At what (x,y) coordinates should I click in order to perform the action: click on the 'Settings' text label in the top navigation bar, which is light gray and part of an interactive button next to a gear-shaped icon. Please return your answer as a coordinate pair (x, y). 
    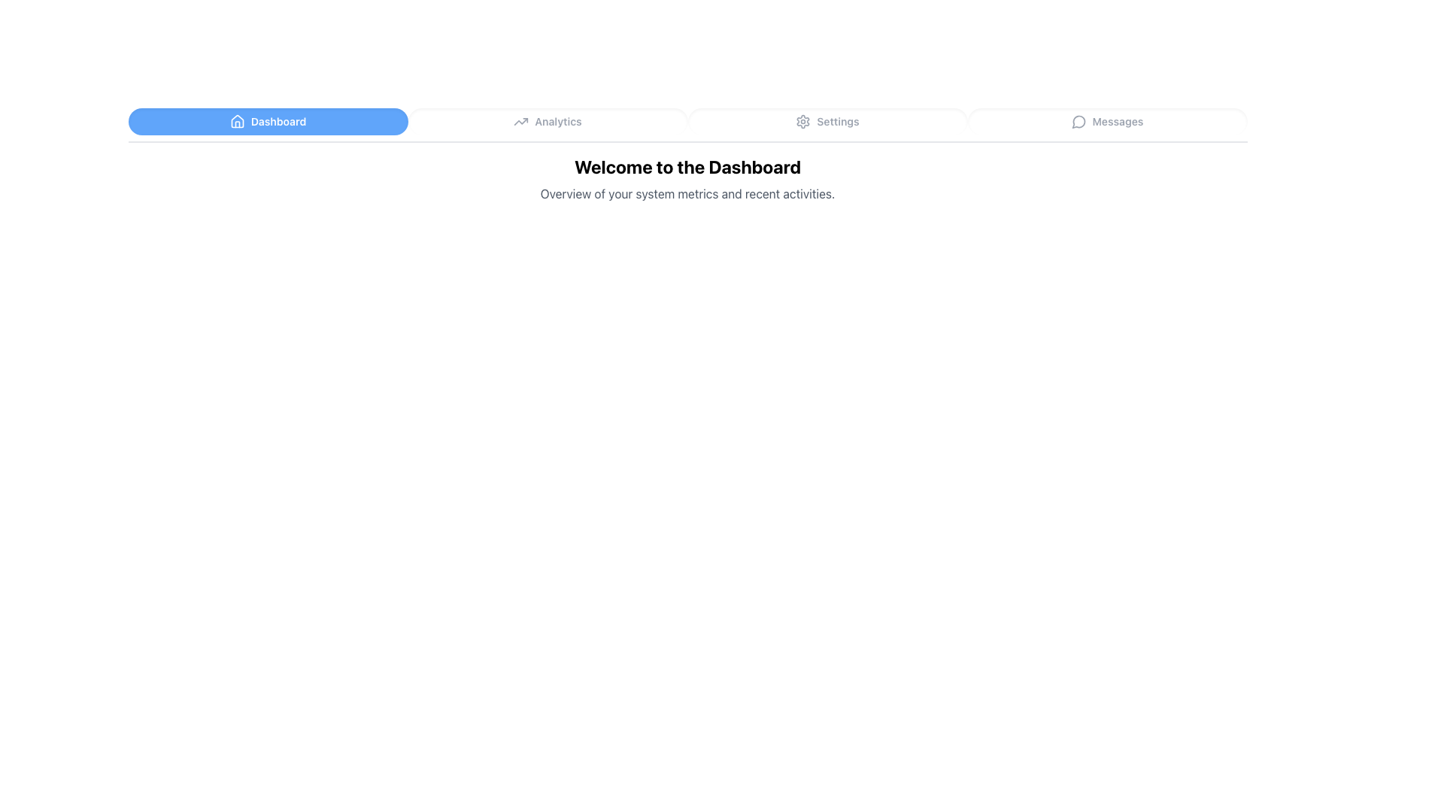
    Looking at the image, I should click on (837, 121).